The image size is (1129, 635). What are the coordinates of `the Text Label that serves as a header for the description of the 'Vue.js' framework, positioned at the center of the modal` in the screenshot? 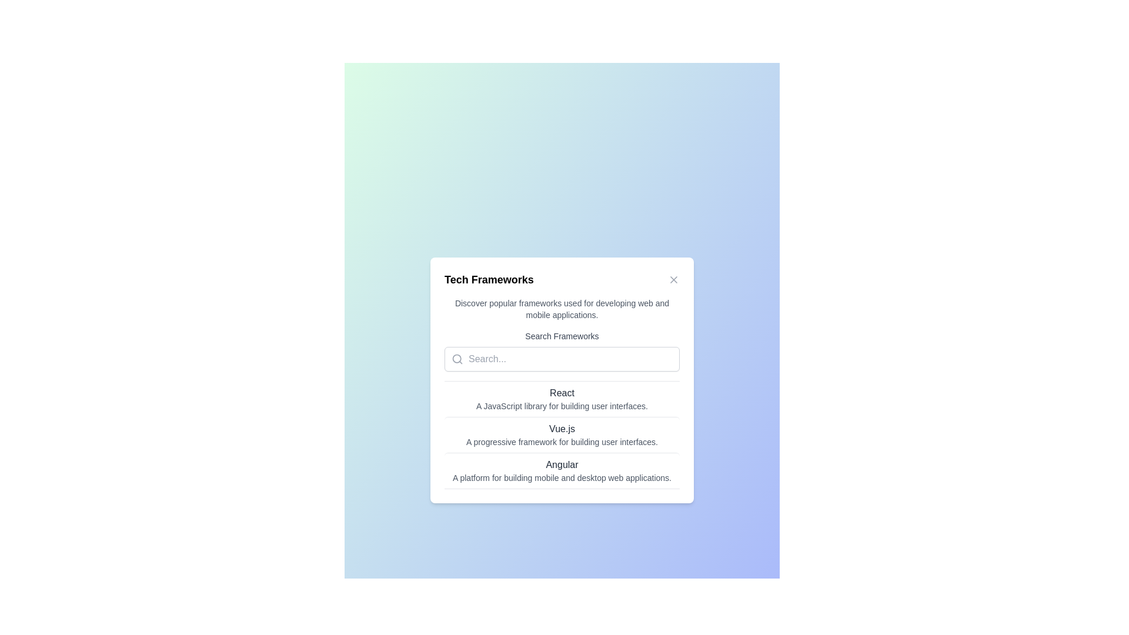 It's located at (561, 429).